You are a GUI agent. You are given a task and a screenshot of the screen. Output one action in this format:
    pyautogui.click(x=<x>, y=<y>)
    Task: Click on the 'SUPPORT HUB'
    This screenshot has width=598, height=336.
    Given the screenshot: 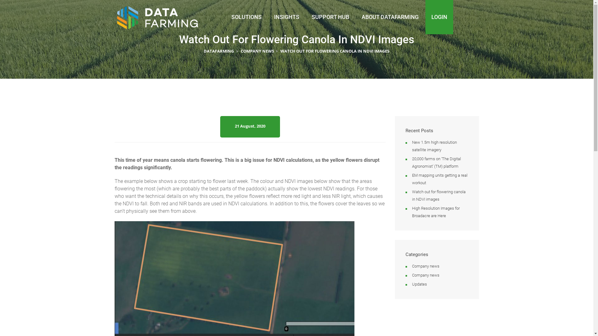 What is the action you would take?
    pyautogui.click(x=330, y=16)
    